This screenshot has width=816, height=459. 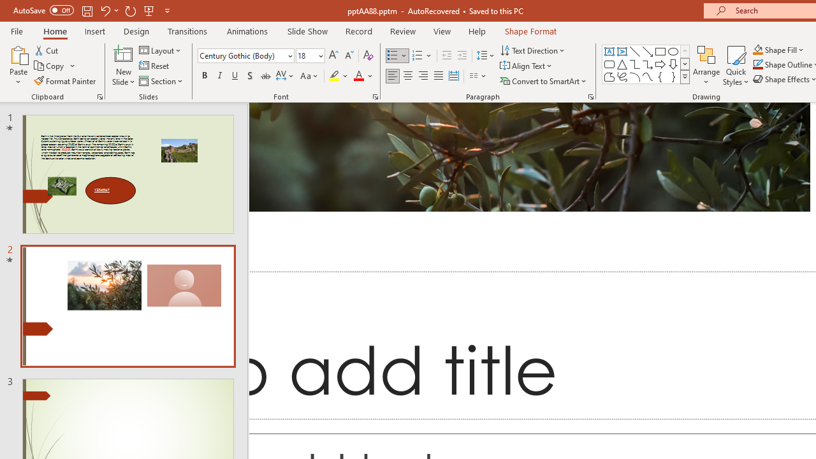 What do you see at coordinates (609, 64) in the screenshot?
I see `'Rectangle: Rounded Corners'` at bounding box center [609, 64].